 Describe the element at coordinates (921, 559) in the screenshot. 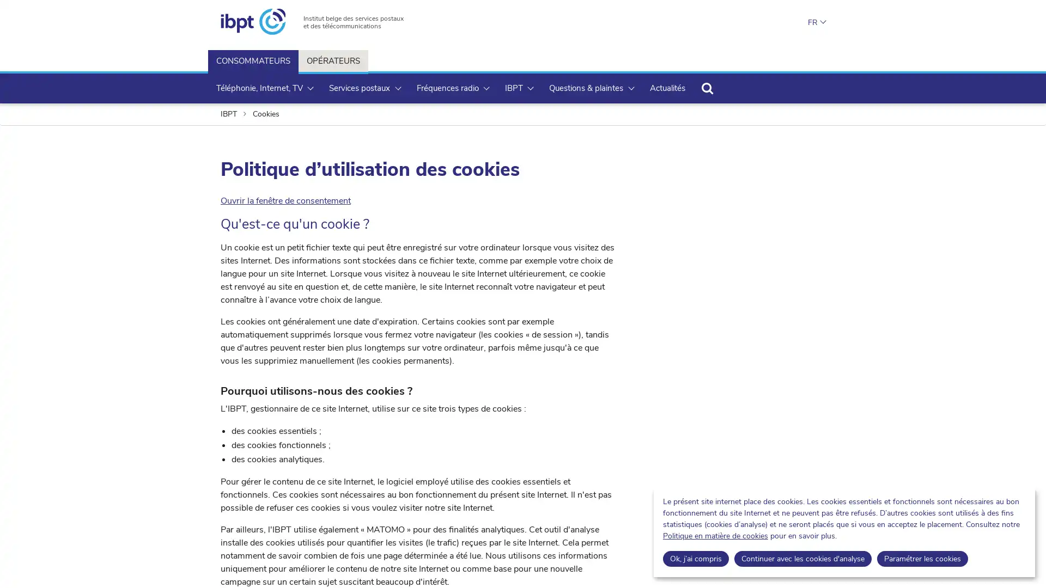

I see `Parametrer les cookies` at that location.